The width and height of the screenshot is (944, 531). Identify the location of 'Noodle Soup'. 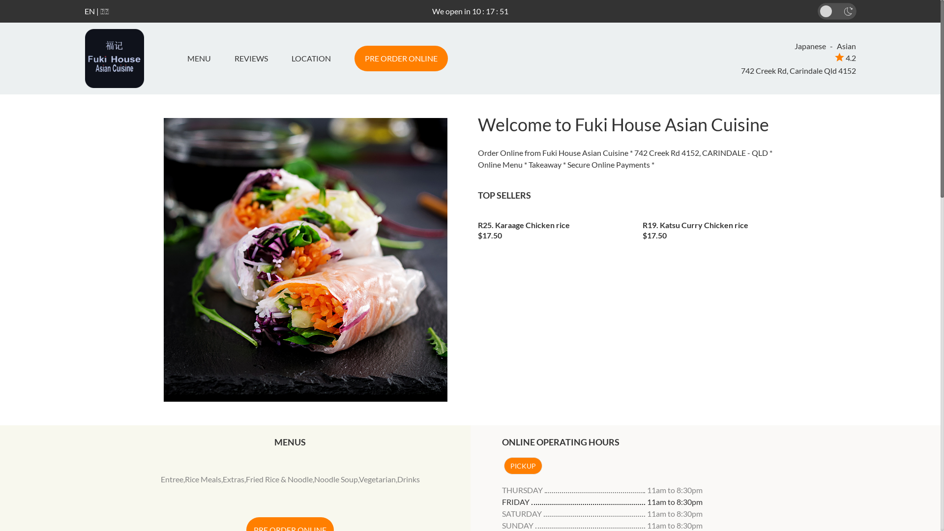
(336, 478).